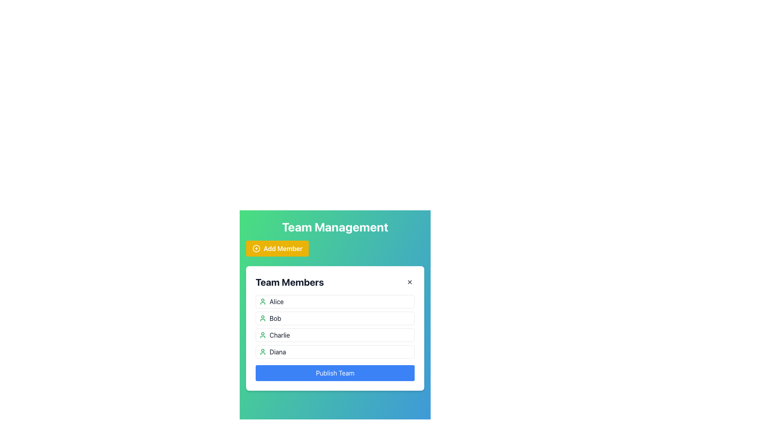 This screenshot has width=767, height=431. Describe the element at coordinates (256, 248) in the screenshot. I see `the circular icon with a plus symbol, which is located to the left of the text 'Add Member' within the button labeled 'Add Member'` at that location.